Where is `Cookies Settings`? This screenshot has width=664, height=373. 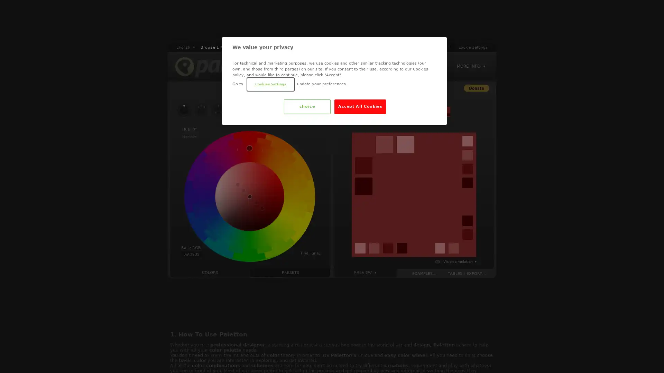
Cookies Settings is located at coordinates (270, 84).